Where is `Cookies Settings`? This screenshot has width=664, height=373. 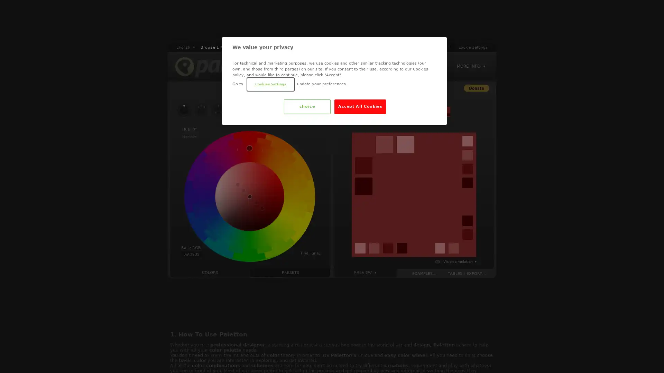
Cookies Settings is located at coordinates (270, 84).